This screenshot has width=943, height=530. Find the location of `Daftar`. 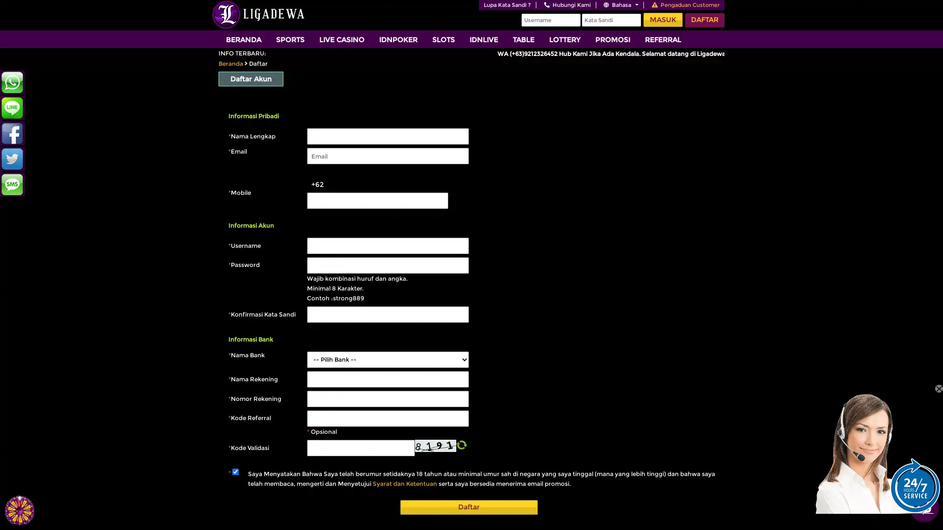

Daftar is located at coordinates (469, 507).